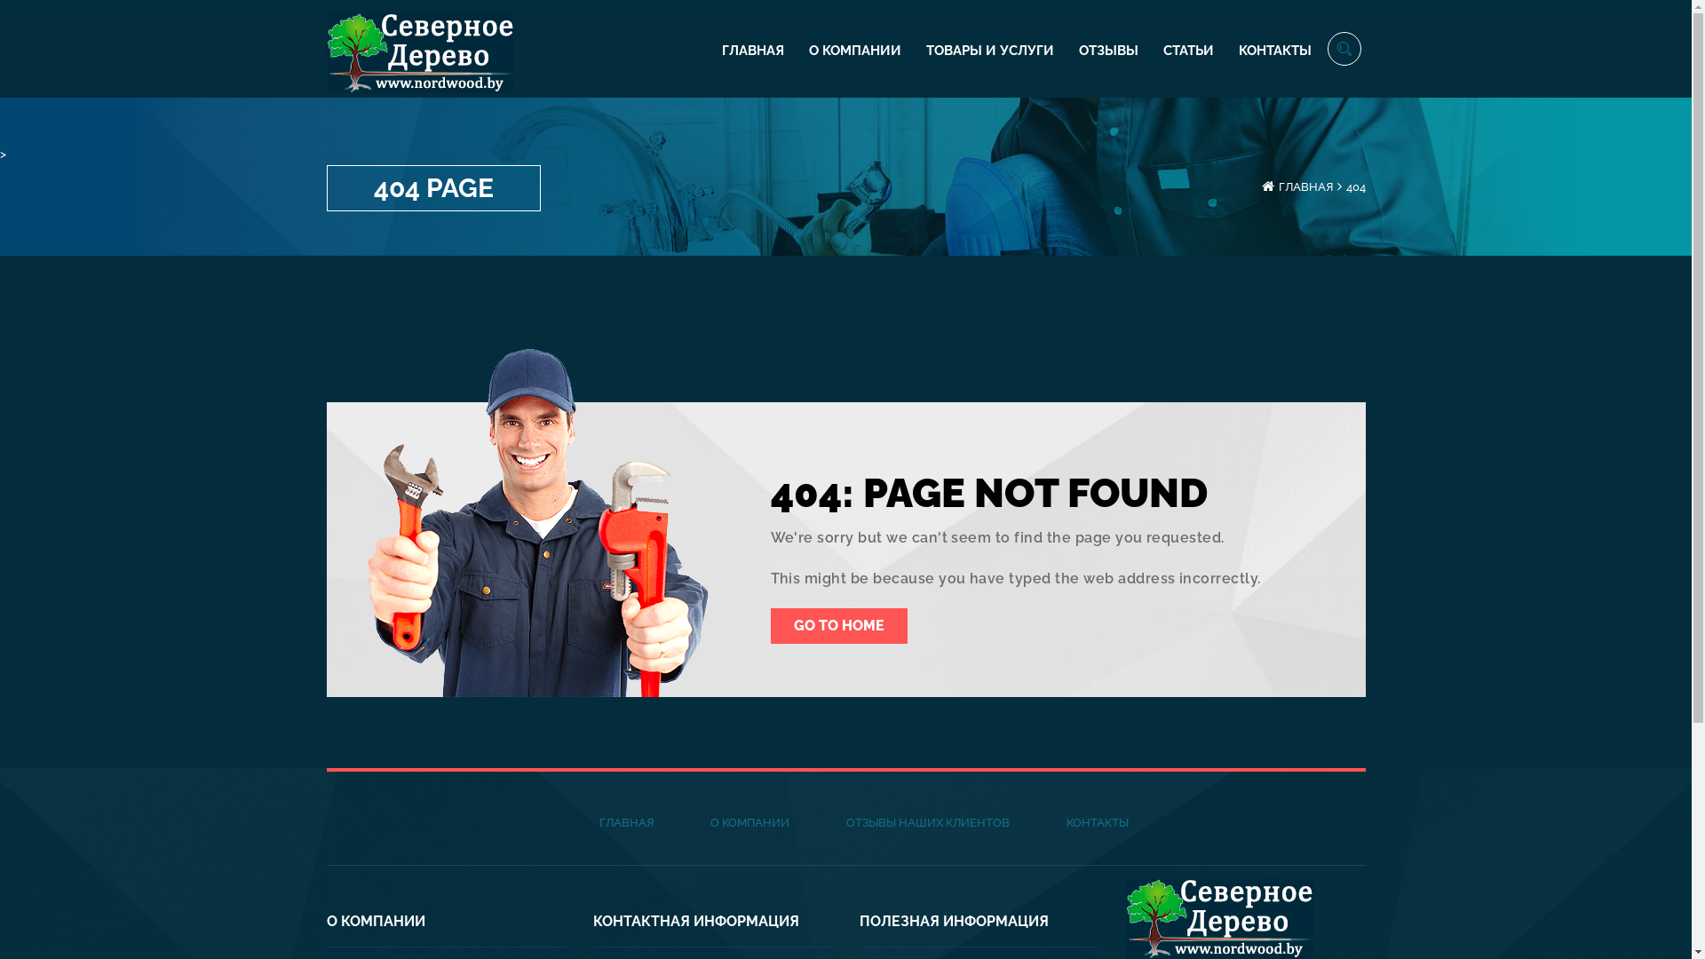 The height and width of the screenshot is (959, 1705). What do you see at coordinates (771, 625) in the screenshot?
I see `'GO TO HOME'` at bounding box center [771, 625].